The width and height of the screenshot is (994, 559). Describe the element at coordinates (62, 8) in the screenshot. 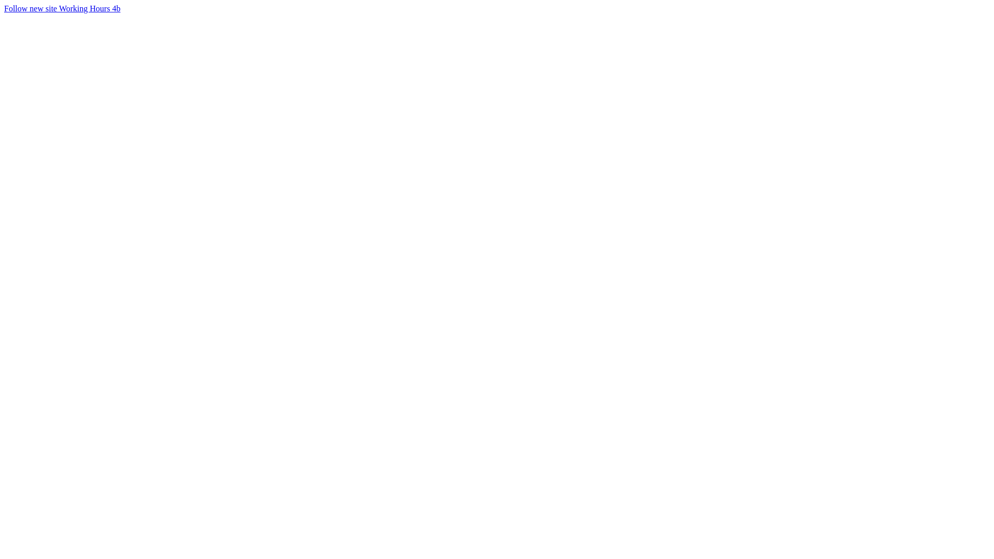

I see `'Follow new site Working Hours 4b'` at that location.